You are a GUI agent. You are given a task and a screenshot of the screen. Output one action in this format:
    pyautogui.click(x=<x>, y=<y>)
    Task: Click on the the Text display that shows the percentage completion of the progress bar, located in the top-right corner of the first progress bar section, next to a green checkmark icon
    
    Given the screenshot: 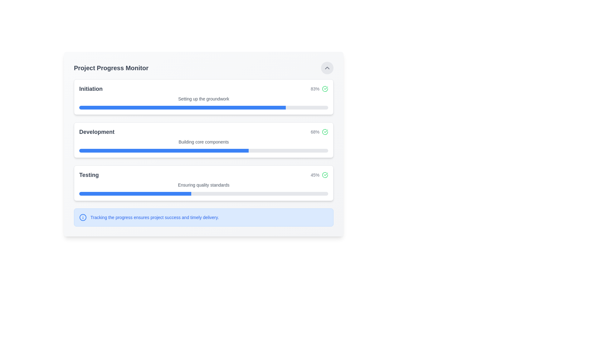 What is the action you would take?
    pyautogui.click(x=315, y=89)
    